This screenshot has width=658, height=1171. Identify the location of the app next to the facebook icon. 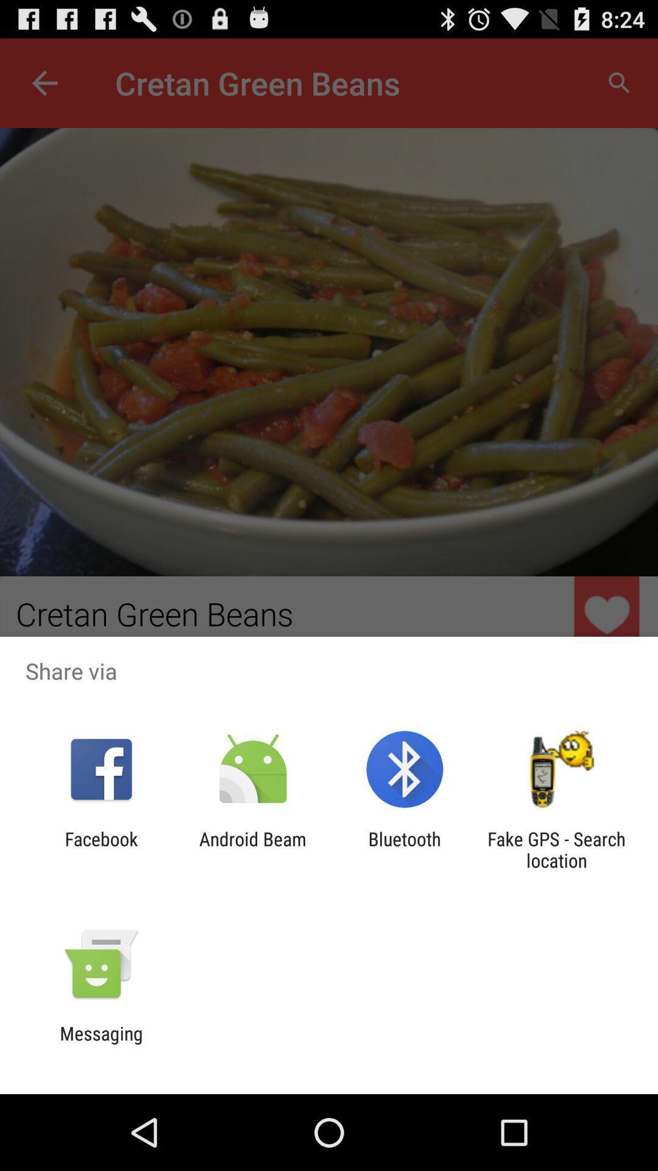
(252, 849).